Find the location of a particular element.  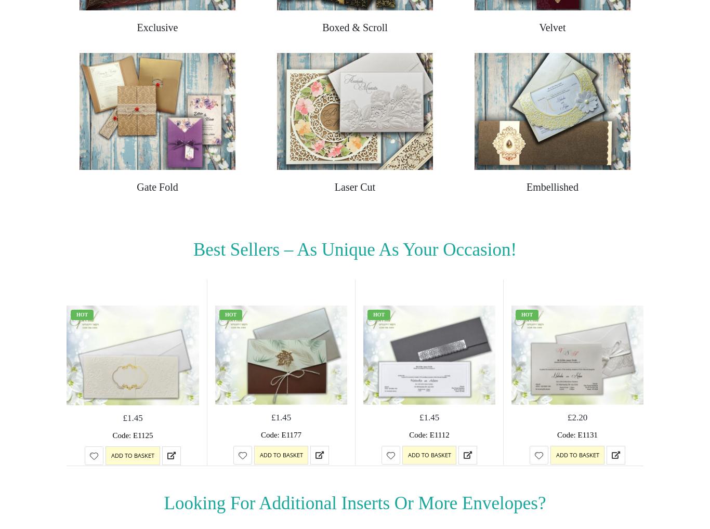

'Embellished' is located at coordinates (551, 187).